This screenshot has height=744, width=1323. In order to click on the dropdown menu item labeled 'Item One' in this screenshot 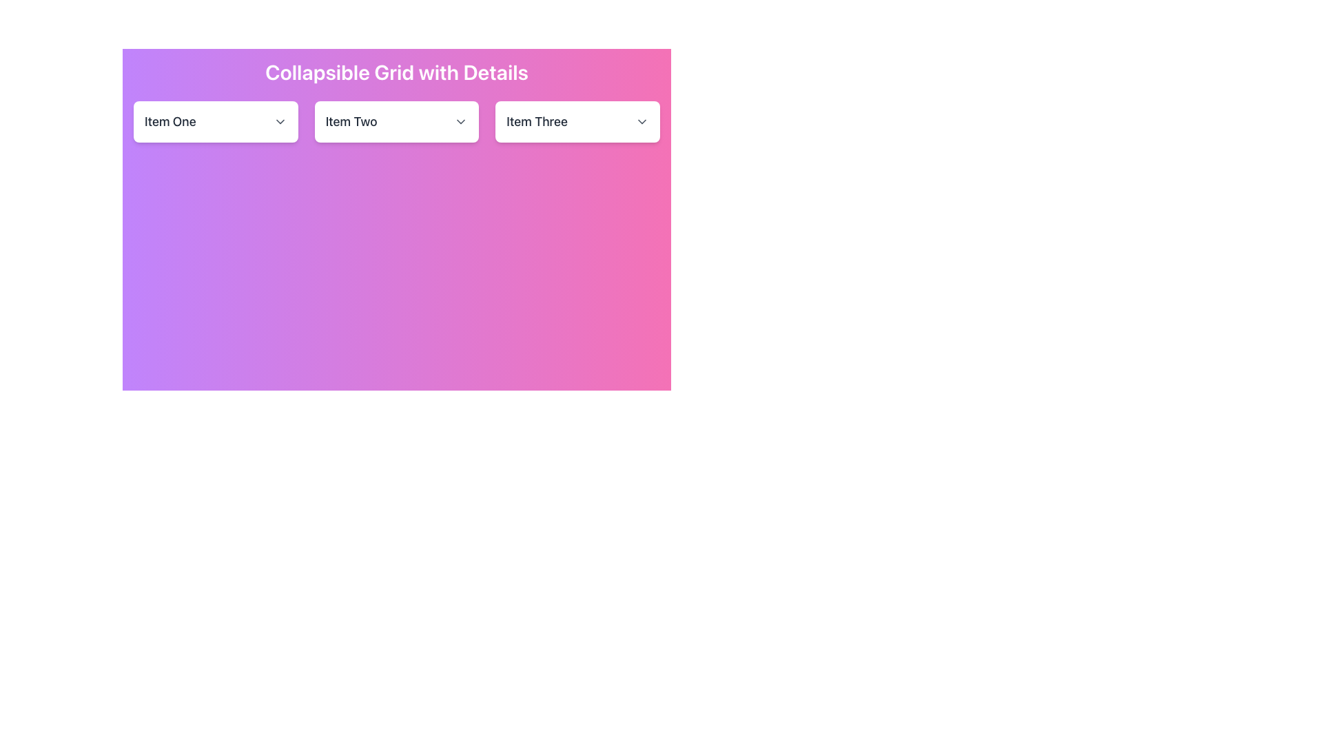, I will do `click(215, 121)`.